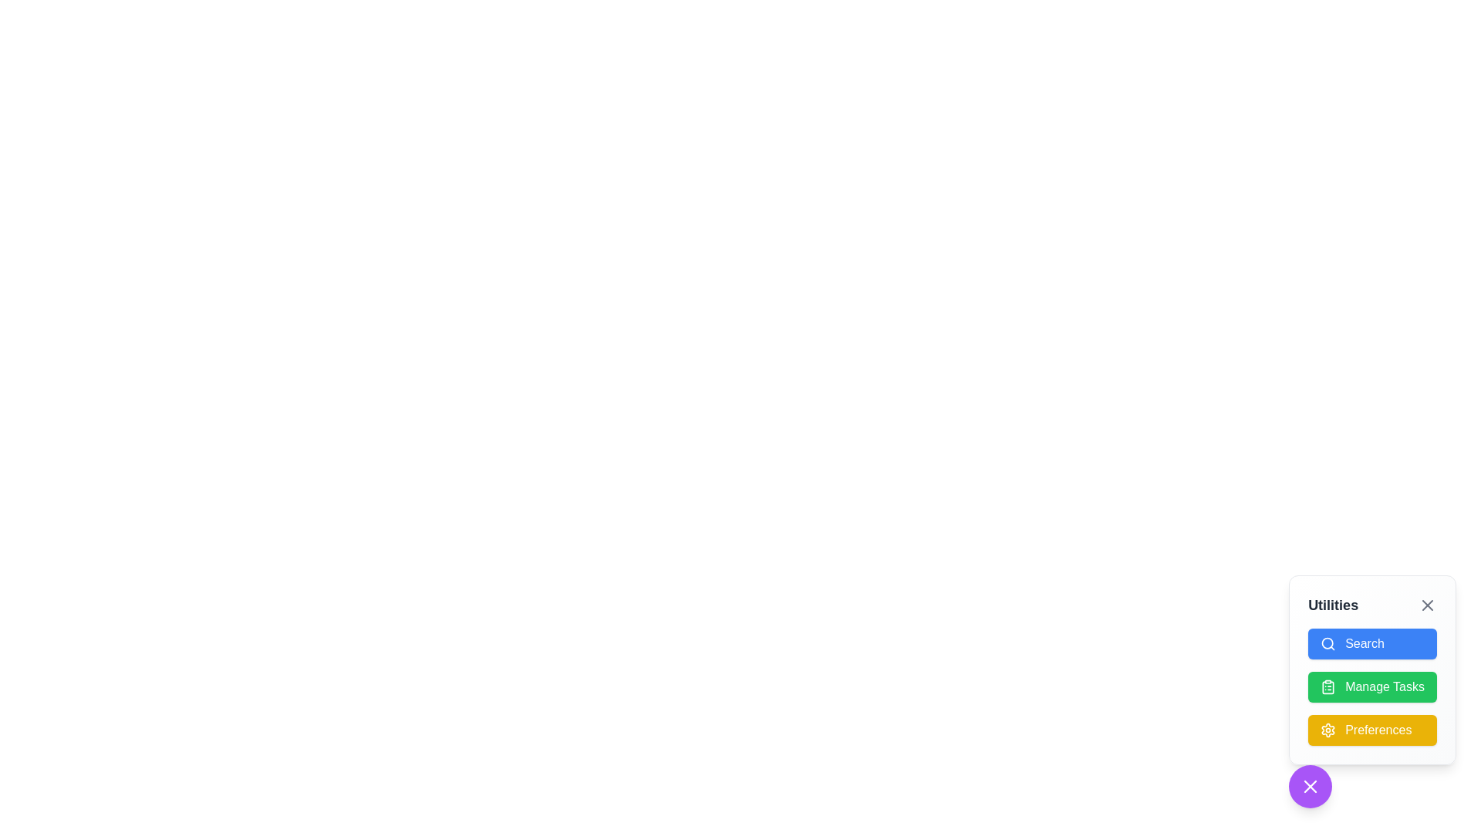 This screenshot has width=1481, height=833. I want to click on the search icon on the left side of the 'Search' button, so click(1328, 643).